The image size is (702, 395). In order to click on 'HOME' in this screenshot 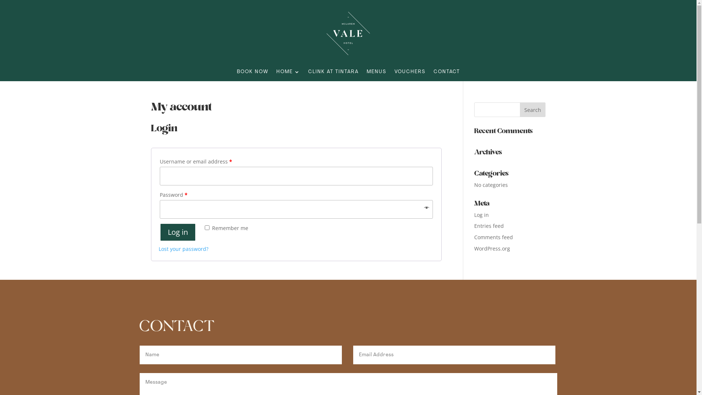, I will do `click(288, 73)`.